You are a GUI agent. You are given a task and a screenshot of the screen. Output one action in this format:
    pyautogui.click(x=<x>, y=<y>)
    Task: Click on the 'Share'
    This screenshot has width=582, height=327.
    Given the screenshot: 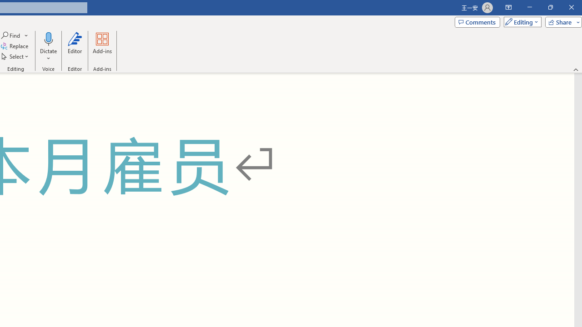 What is the action you would take?
    pyautogui.click(x=561, y=21)
    